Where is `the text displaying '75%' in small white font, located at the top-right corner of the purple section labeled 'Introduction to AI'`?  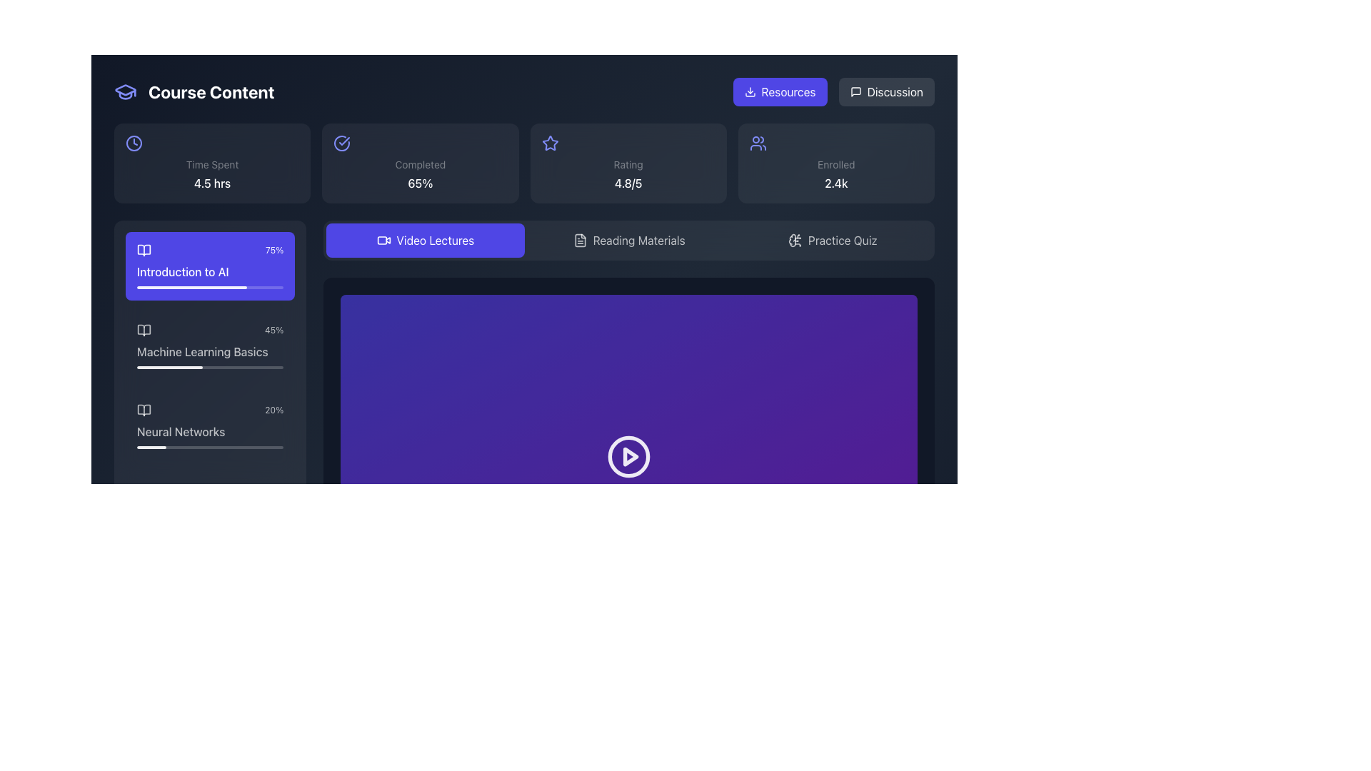 the text displaying '75%' in small white font, located at the top-right corner of the purple section labeled 'Introduction to AI' is located at coordinates (274, 250).